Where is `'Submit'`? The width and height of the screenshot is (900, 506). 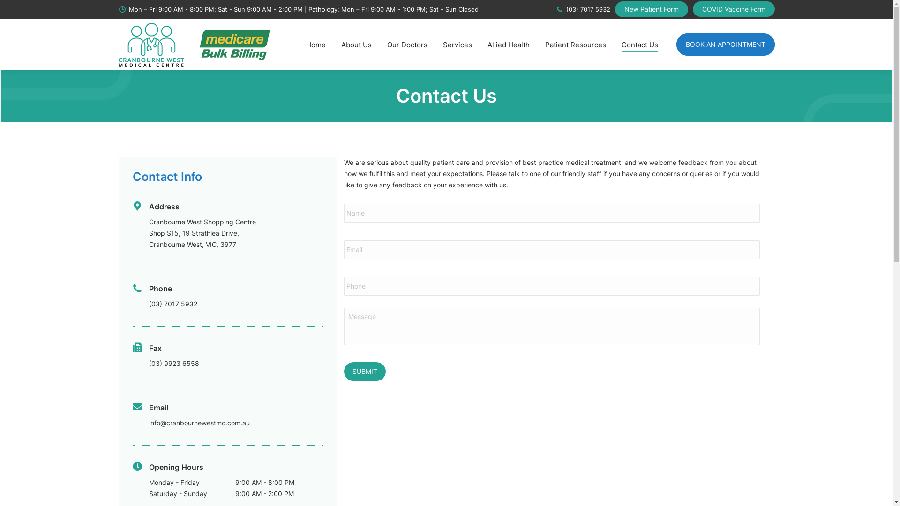 'Submit' is located at coordinates (364, 371).